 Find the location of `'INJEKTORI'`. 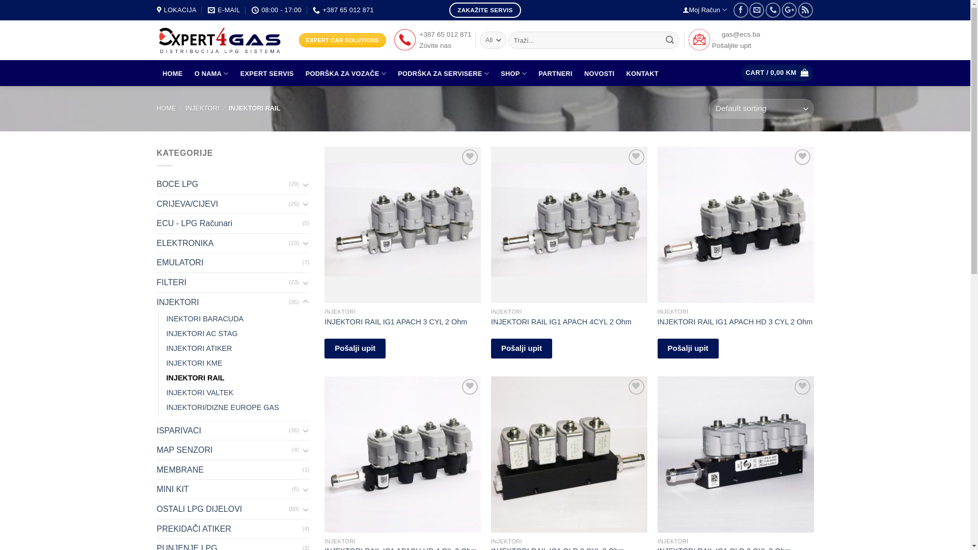

'INJEKTORI' is located at coordinates (156, 302).